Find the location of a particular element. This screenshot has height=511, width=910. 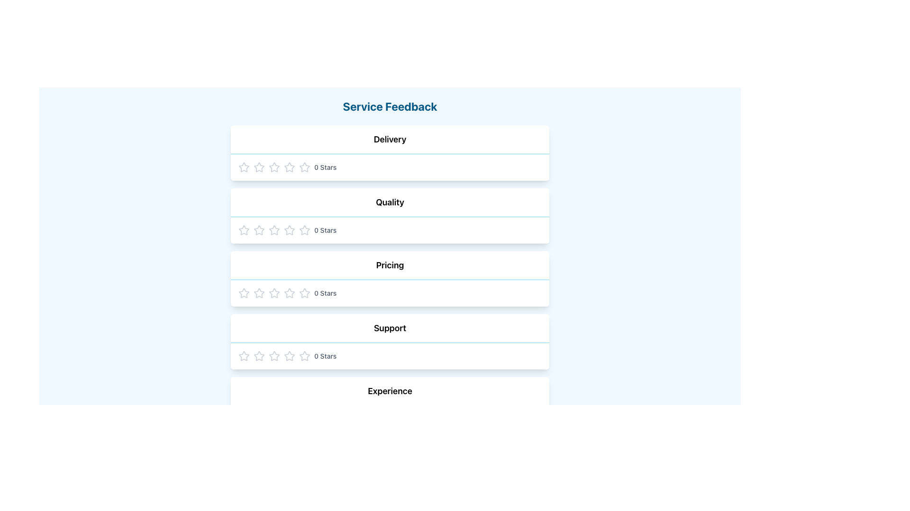

the first rating star icon in the 'Quality' category is located at coordinates (274, 230).